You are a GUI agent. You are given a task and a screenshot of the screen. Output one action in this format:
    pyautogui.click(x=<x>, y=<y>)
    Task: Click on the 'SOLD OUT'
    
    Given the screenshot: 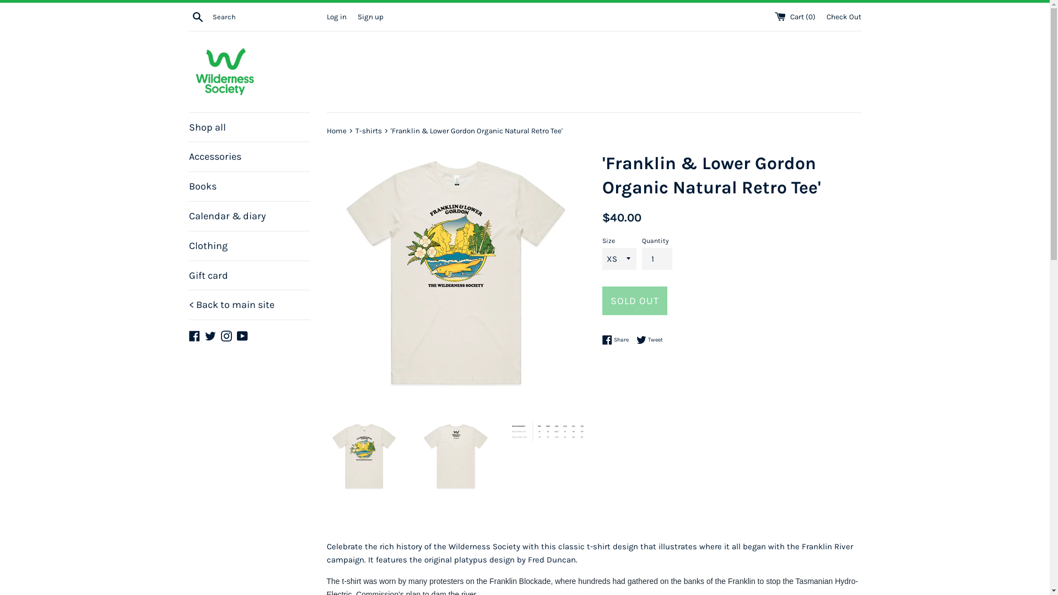 What is the action you would take?
    pyautogui.click(x=601, y=301)
    